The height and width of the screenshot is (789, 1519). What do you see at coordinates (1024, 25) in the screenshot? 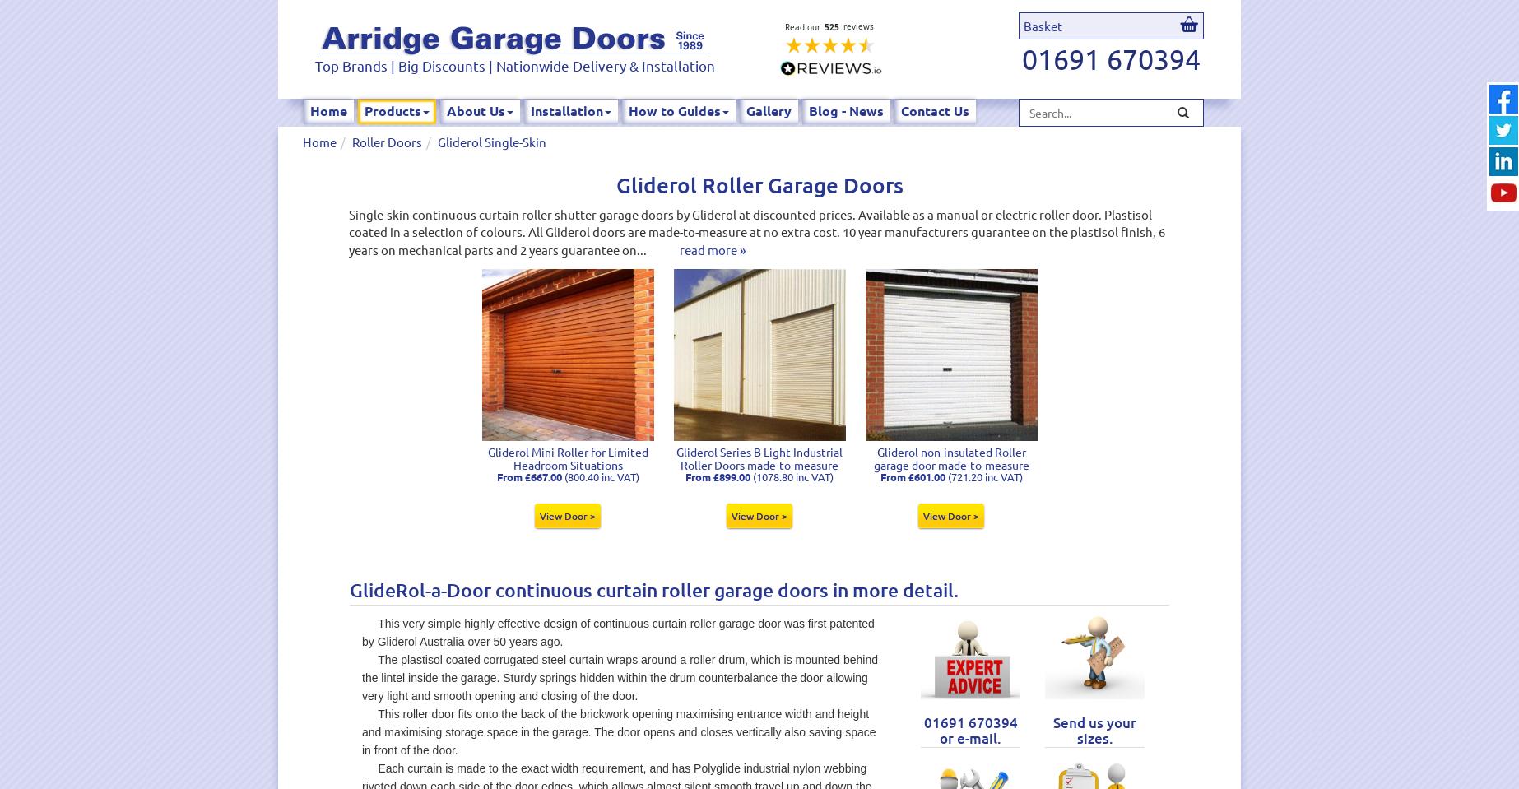
I see `'Basket'` at bounding box center [1024, 25].